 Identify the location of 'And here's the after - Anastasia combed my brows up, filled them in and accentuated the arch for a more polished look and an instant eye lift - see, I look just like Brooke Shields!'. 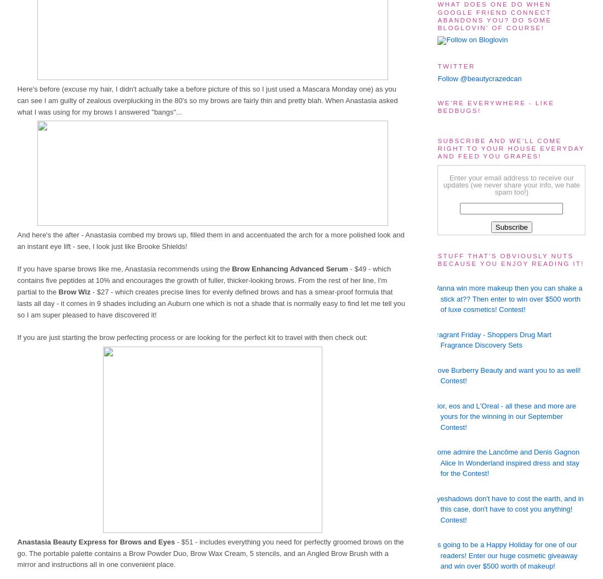
(211, 240).